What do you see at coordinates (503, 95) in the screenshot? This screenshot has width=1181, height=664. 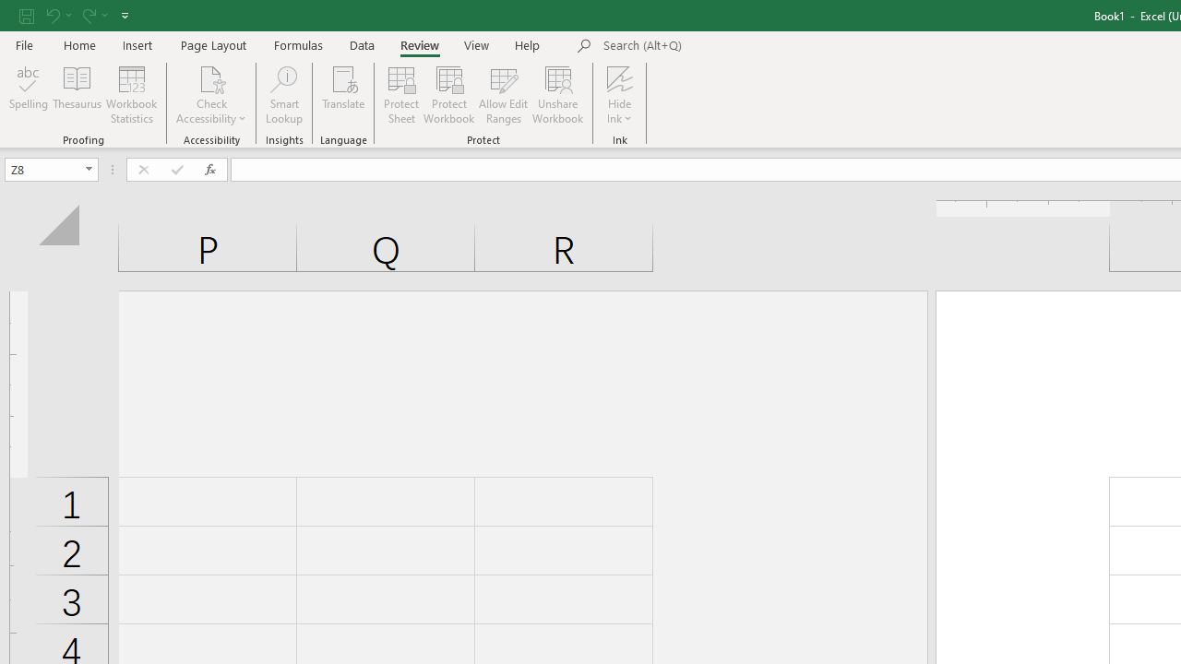 I see `'Allow Edit Ranges'` at bounding box center [503, 95].